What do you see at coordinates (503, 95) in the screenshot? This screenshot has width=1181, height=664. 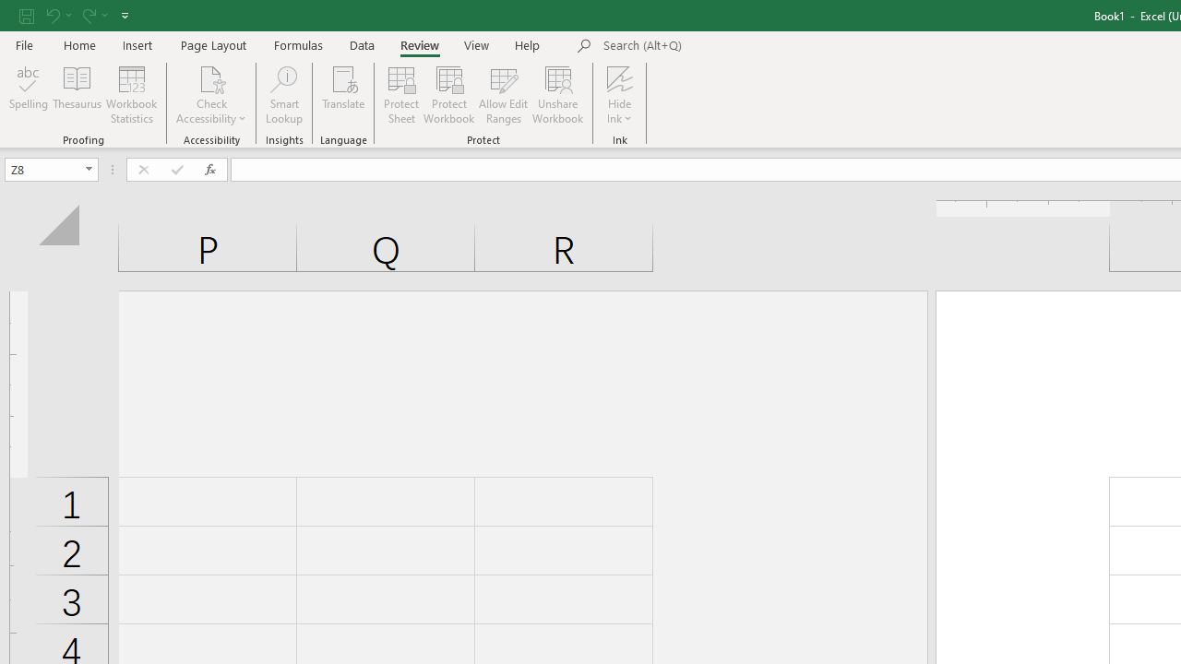 I see `'Allow Edit Ranges'` at bounding box center [503, 95].